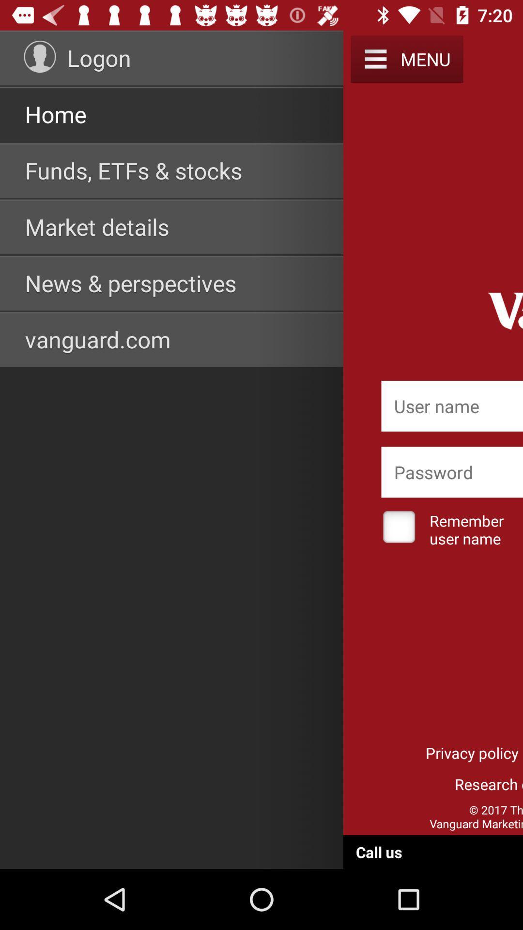 The width and height of the screenshot is (523, 930). Describe the element at coordinates (379, 852) in the screenshot. I see `call us at the bottom of the page` at that location.